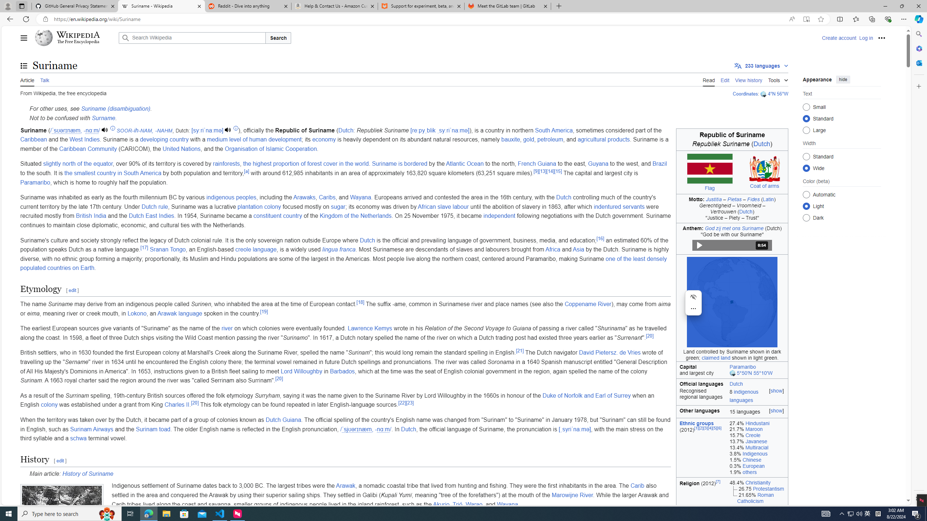 This screenshot has width=927, height=521. Describe the element at coordinates (323, 139) in the screenshot. I see `'economy'` at that location.